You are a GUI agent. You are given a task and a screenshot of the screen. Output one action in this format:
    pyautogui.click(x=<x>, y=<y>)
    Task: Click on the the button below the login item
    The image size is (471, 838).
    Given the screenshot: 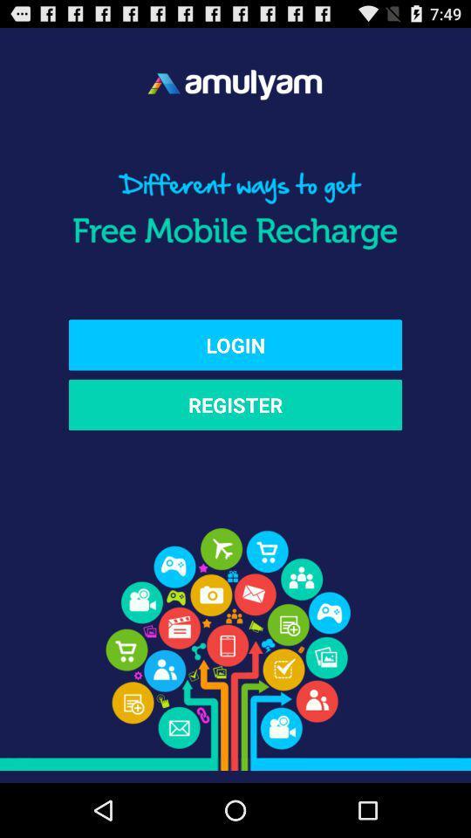 What is the action you would take?
    pyautogui.click(x=235, y=405)
    